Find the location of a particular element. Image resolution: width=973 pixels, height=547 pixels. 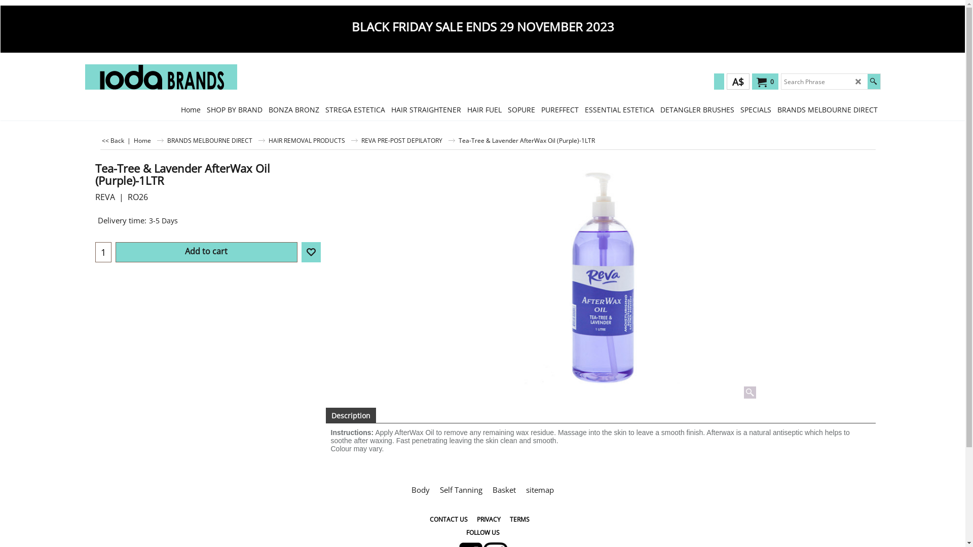

'Basket' is located at coordinates (487, 489).